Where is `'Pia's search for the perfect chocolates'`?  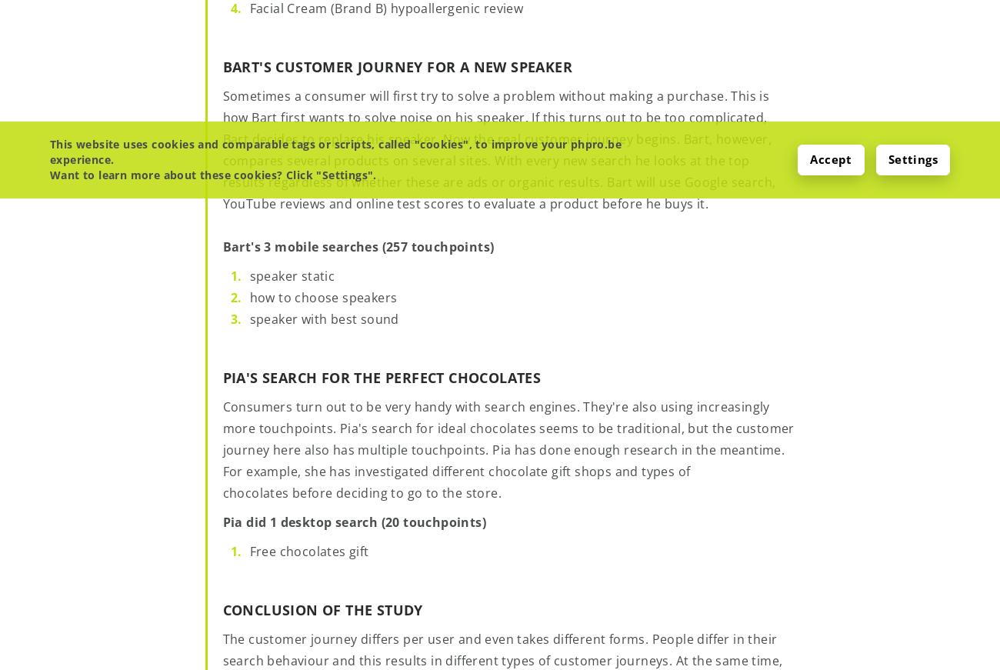 'Pia's search for the perfect chocolates' is located at coordinates (381, 377).